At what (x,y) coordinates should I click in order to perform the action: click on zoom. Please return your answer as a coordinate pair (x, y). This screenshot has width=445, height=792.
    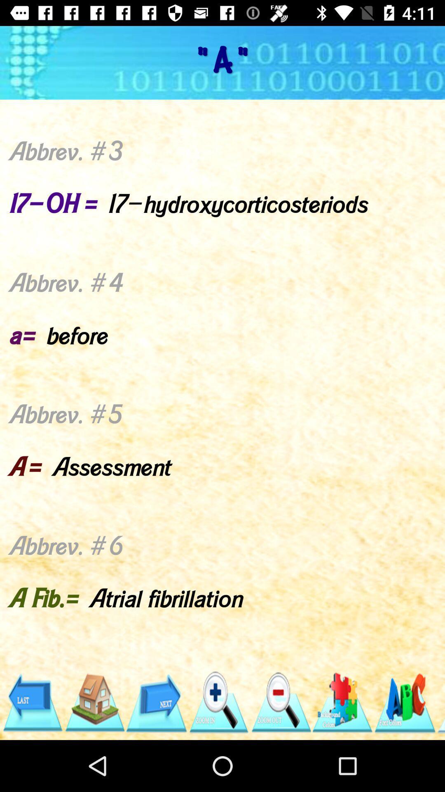
    Looking at the image, I should click on (218, 702).